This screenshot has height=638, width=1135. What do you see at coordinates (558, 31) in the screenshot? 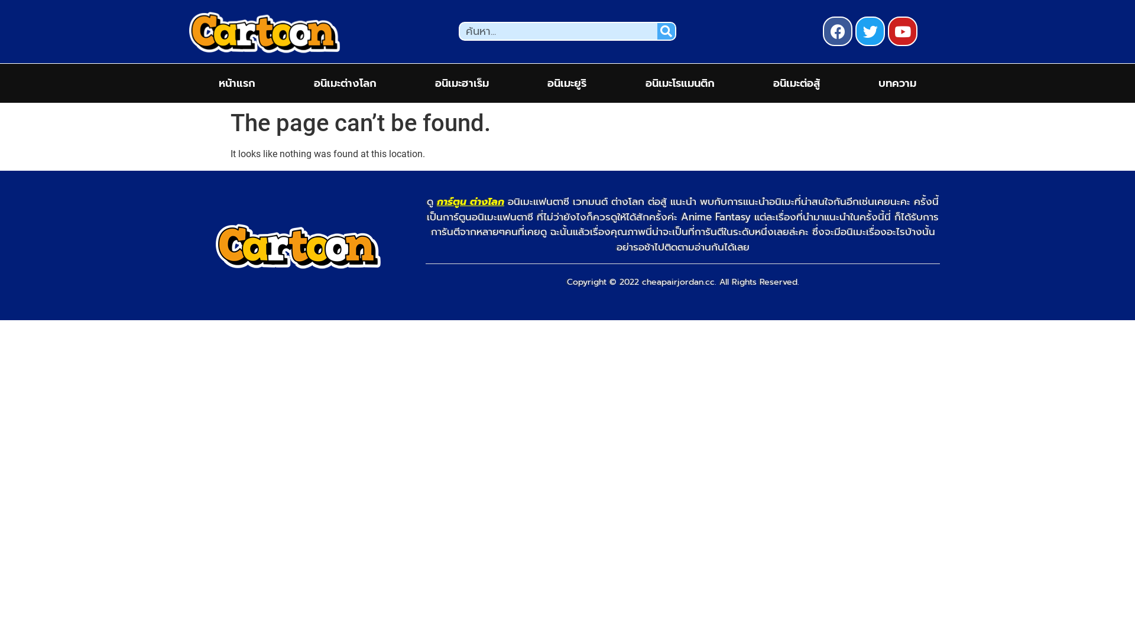
I see `'Search'` at bounding box center [558, 31].